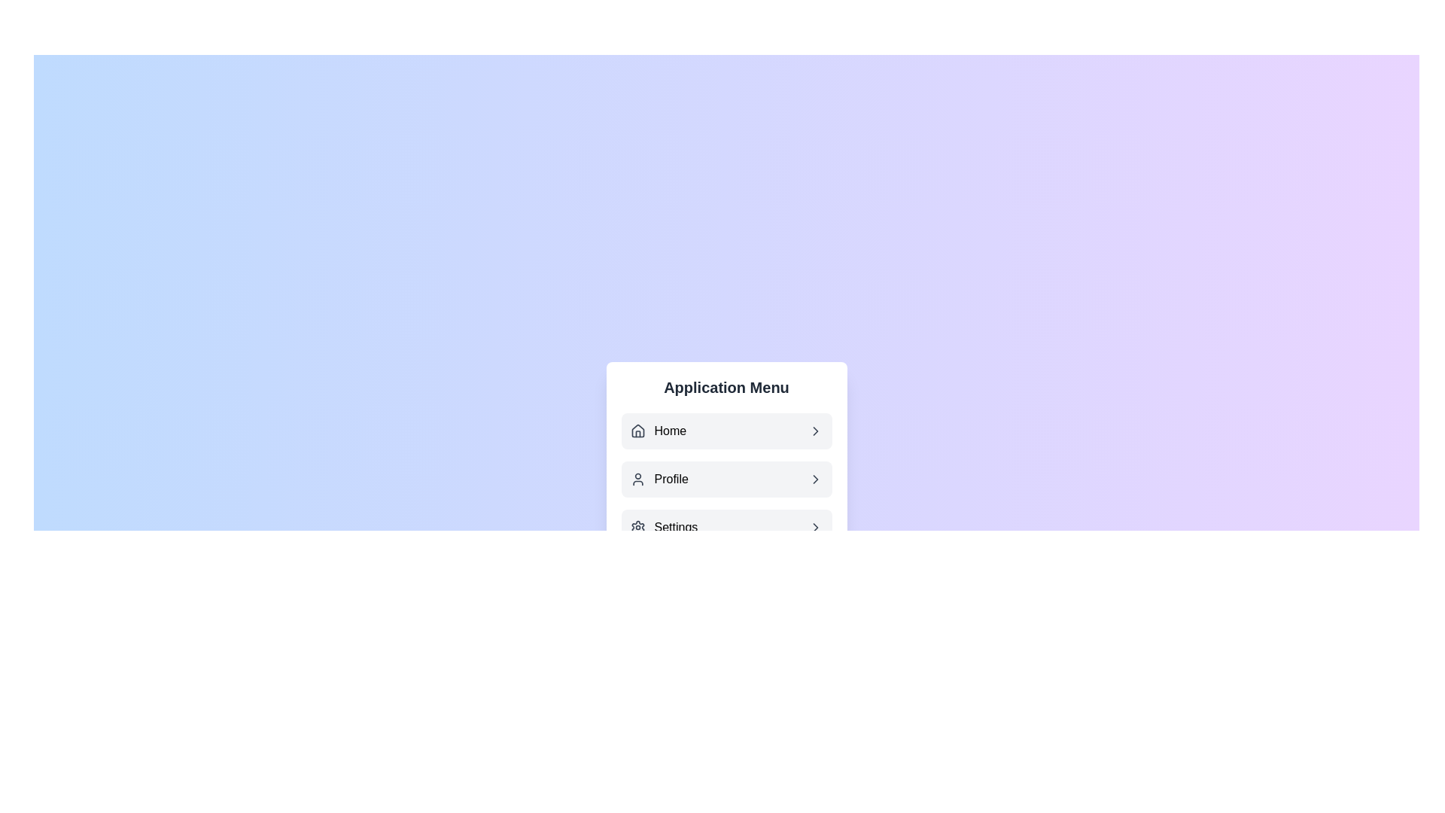  Describe the element at coordinates (814, 527) in the screenshot. I see `the chevron icon on the right end of the 'Settings' menu item` at that location.